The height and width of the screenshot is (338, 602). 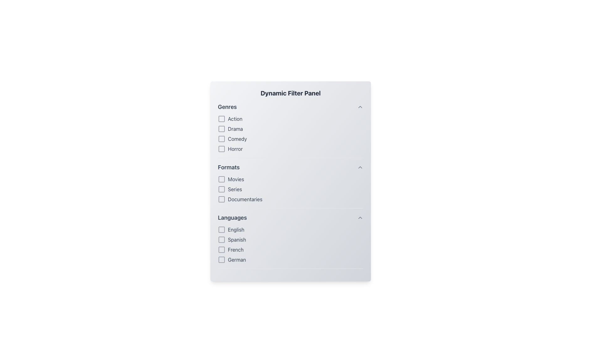 What do you see at coordinates (237, 138) in the screenshot?
I see `the descriptive label for the 'Comedy' genre checkbox, located near the upper portion of the panel` at bounding box center [237, 138].